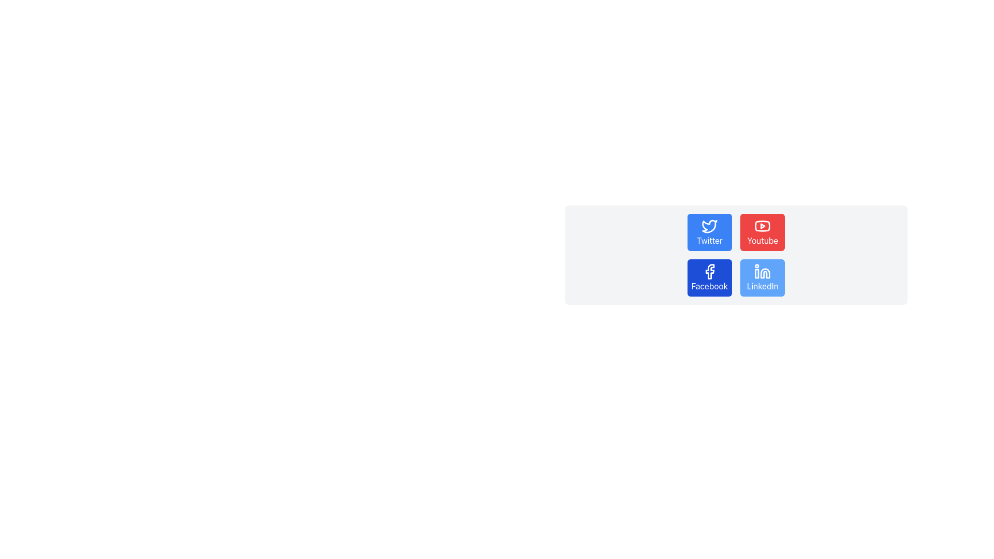 This screenshot has height=559, width=994. What do you see at coordinates (757, 273) in the screenshot?
I see `the LinkedIn icon fragment located in the center-bottom region of the icon, which is part of a grid layout with other social media icons` at bounding box center [757, 273].